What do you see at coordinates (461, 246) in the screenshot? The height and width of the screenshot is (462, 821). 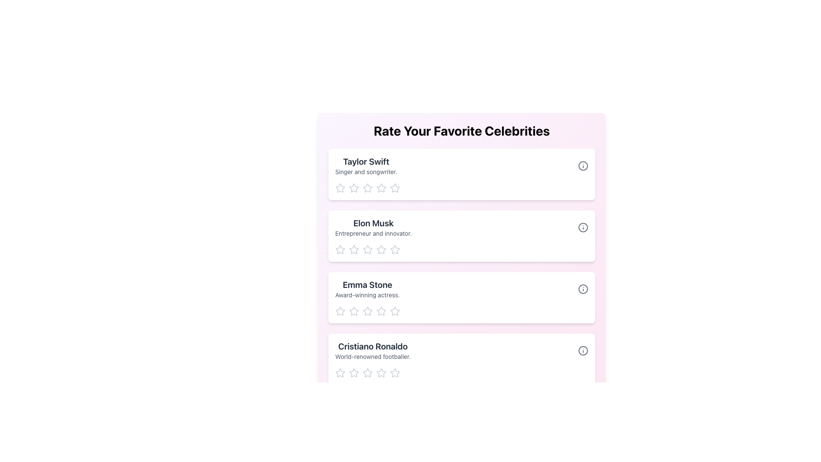 I see `a star in the Star Rating Component below 'Elon Musk' to set a rating` at bounding box center [461, 246].